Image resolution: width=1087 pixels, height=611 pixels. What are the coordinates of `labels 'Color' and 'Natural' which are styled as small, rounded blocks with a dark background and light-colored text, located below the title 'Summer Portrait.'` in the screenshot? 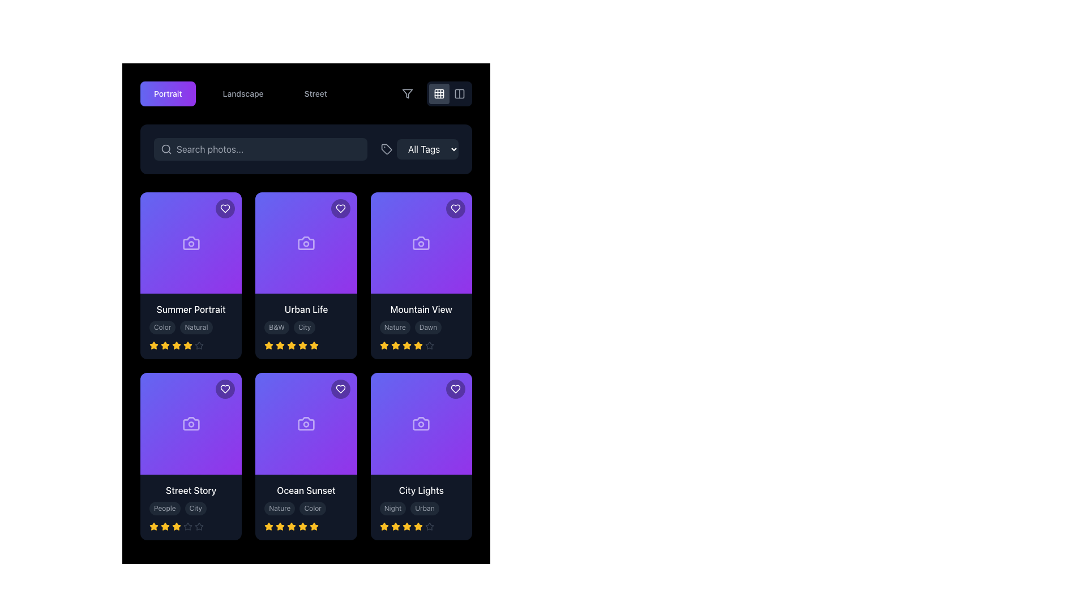 It's located at (191, 328).